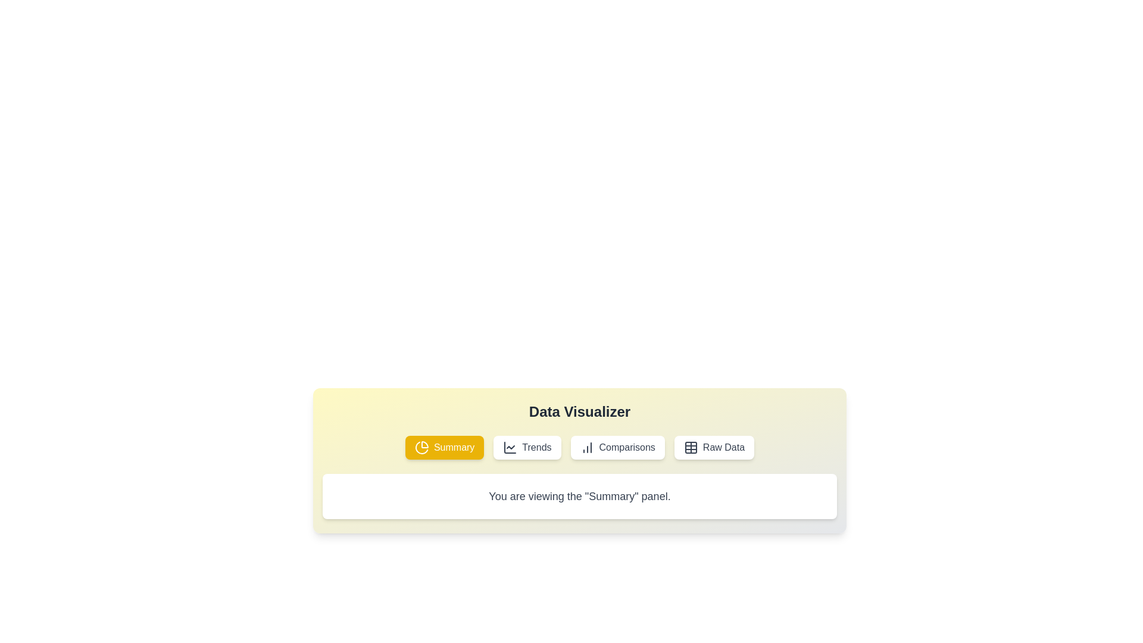 Image resolution: width=1143 pixels, height=643 pixels. I want to click on the 'Comparisons' button, which is the third button in a horizontal row of buttons labeled 'Summary', 'Trends', 'Comparisons', and 'Raw Data', to switch views, so click(617, 448).